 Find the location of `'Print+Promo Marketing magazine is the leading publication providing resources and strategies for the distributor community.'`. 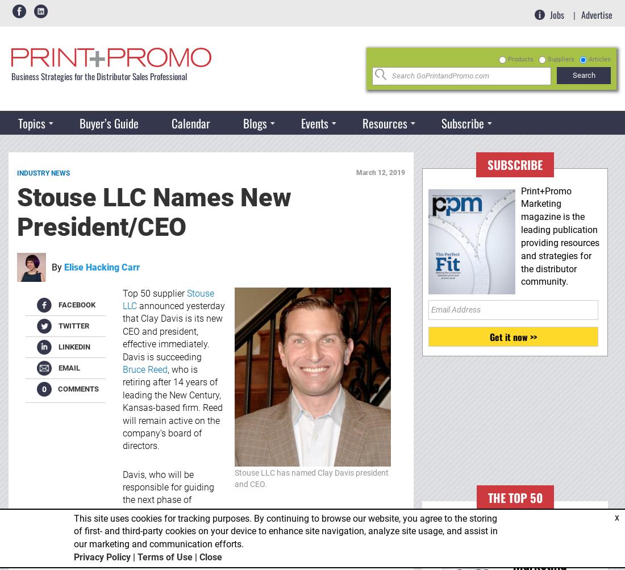

'Print+Promo Marketing magazine is the leading publication providing resources and strategies for the distributor community.' is located at coordinates (560, 236).